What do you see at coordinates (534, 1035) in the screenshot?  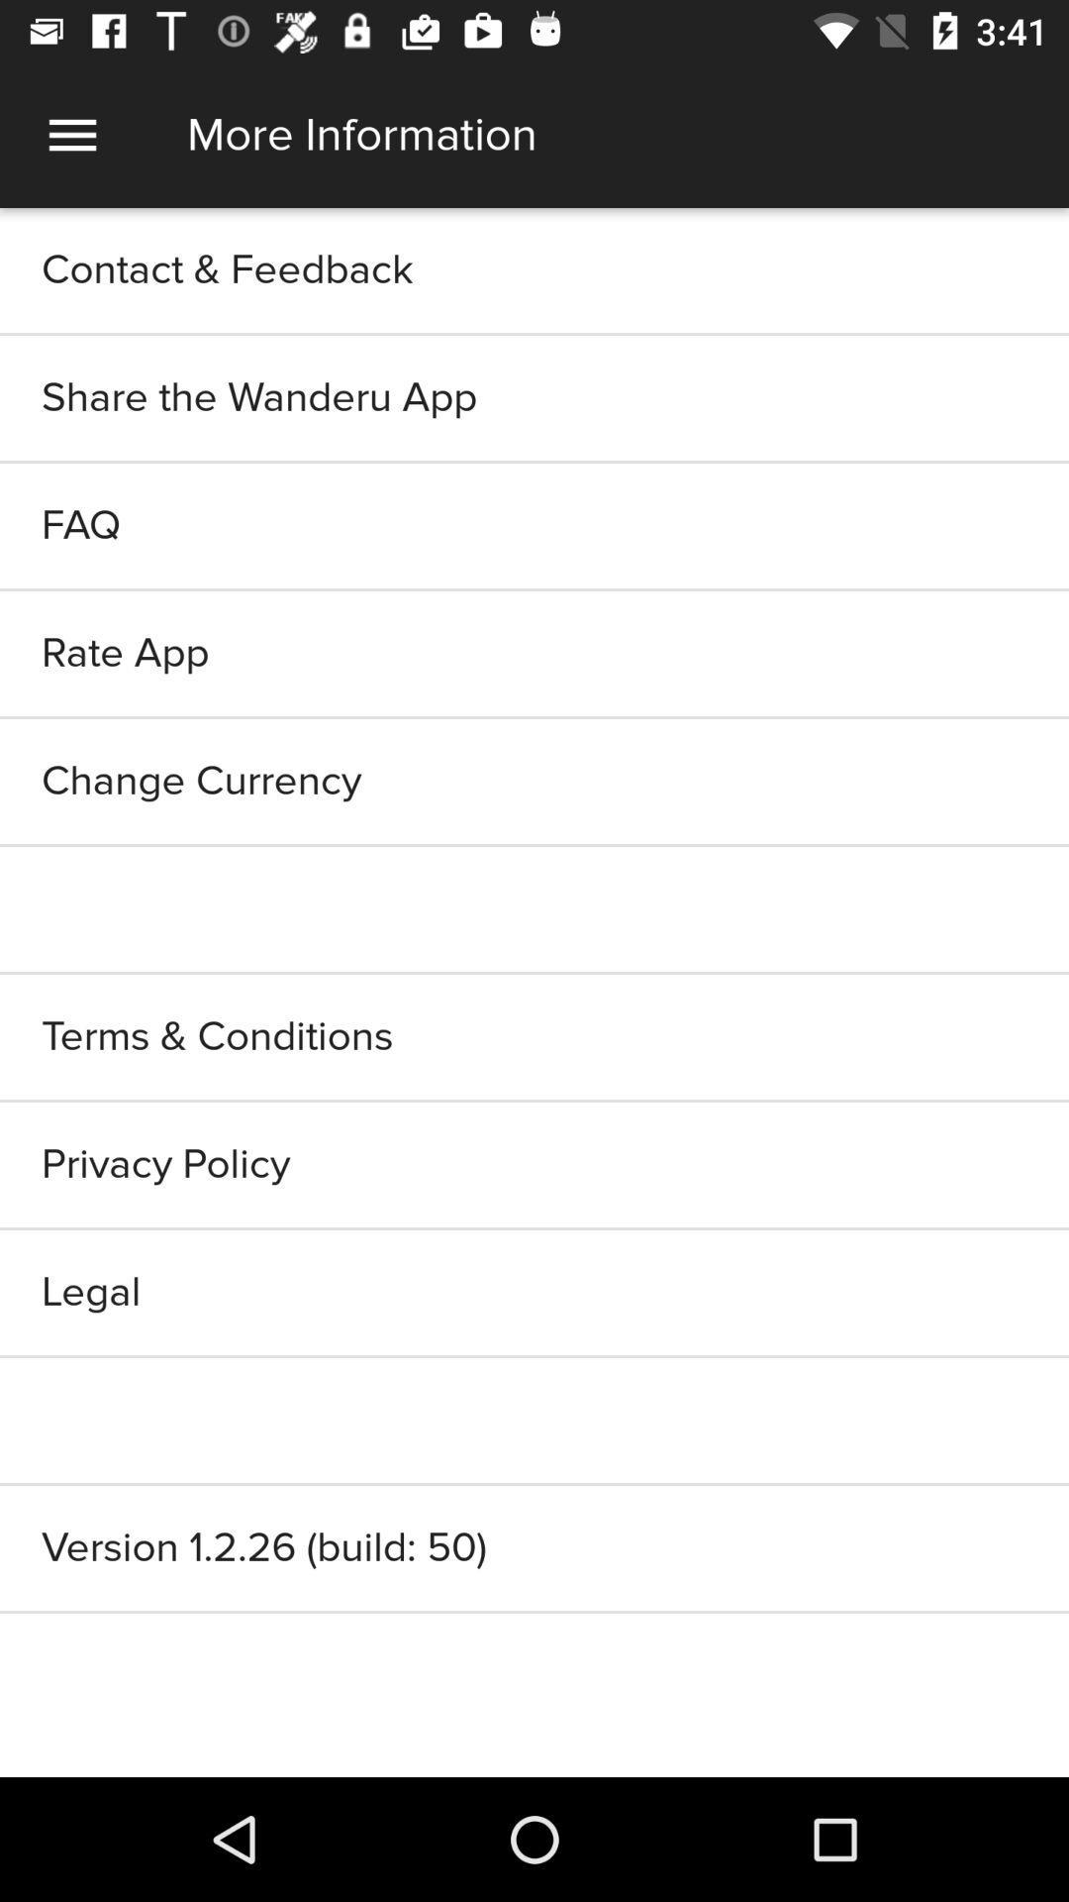 I see `terms & conditions` at bounding box center [534, 1035].